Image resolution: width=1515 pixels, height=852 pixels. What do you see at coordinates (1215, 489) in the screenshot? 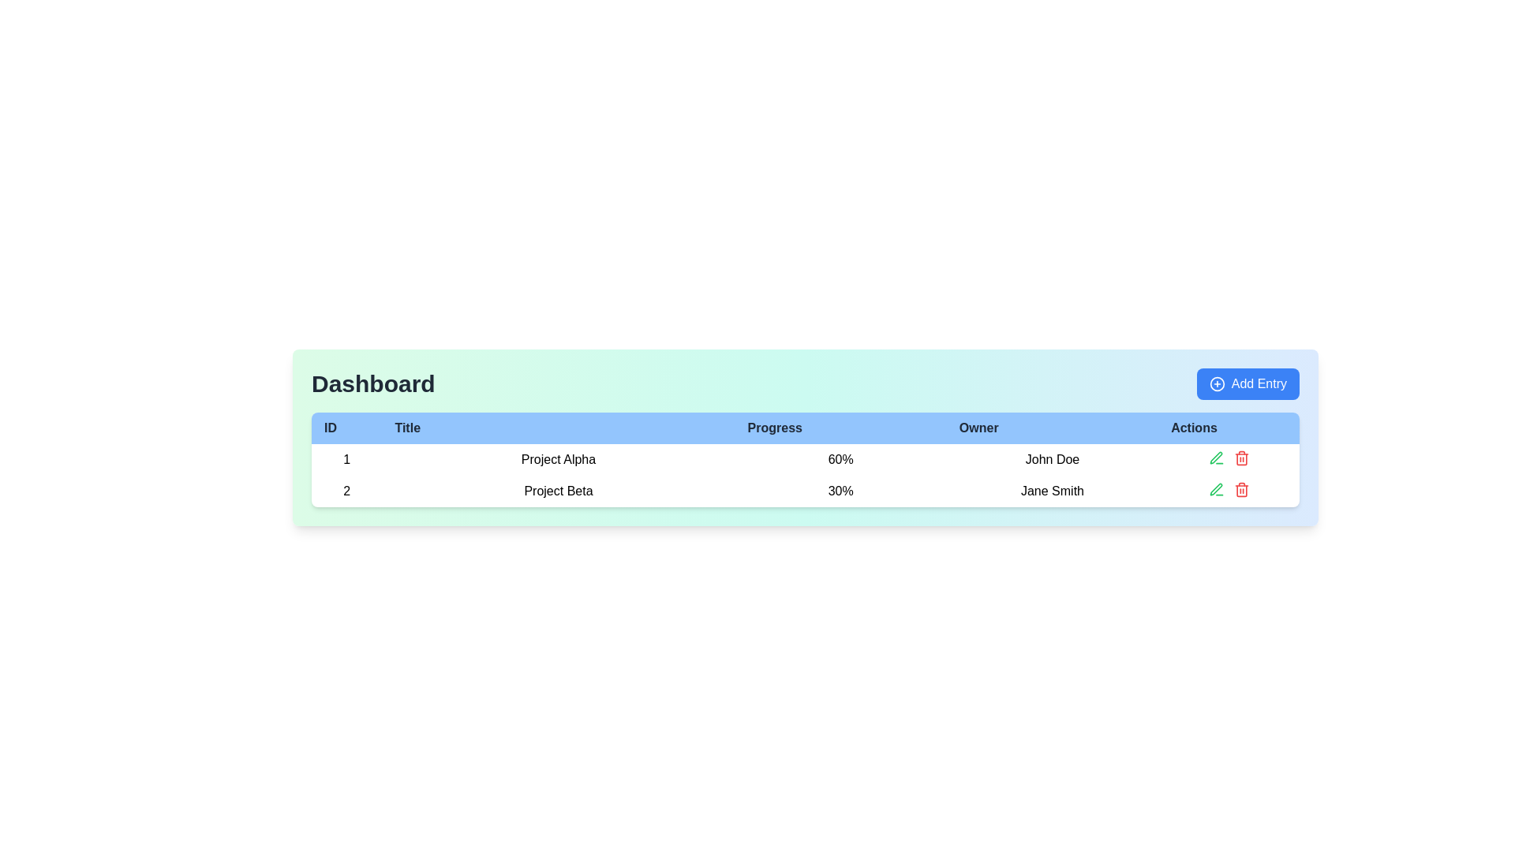
I see `the green pen-shaped icon button located in the 'Actions' column of the second row of the table under the 'Dashboard' section` at bounding box center [1215, 489].